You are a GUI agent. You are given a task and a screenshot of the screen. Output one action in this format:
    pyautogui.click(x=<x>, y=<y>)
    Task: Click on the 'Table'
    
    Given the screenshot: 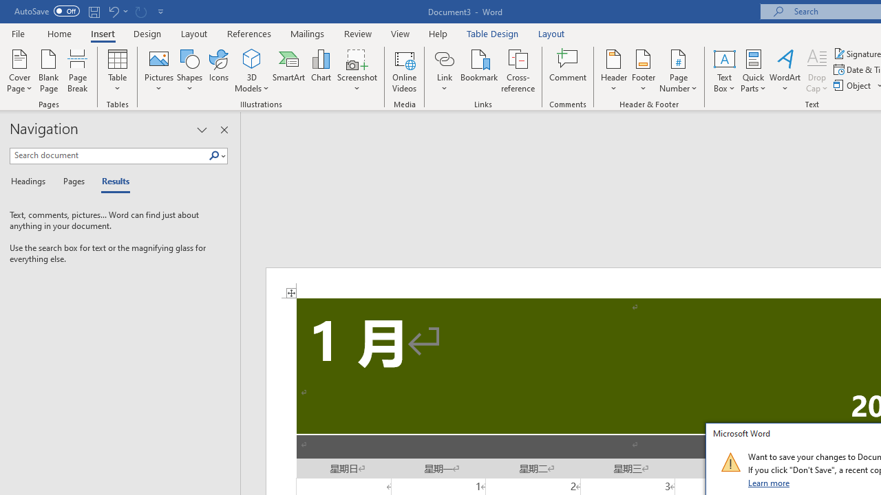 What is the action you would take?
    pyautogui.click(x=117, y=71)
    